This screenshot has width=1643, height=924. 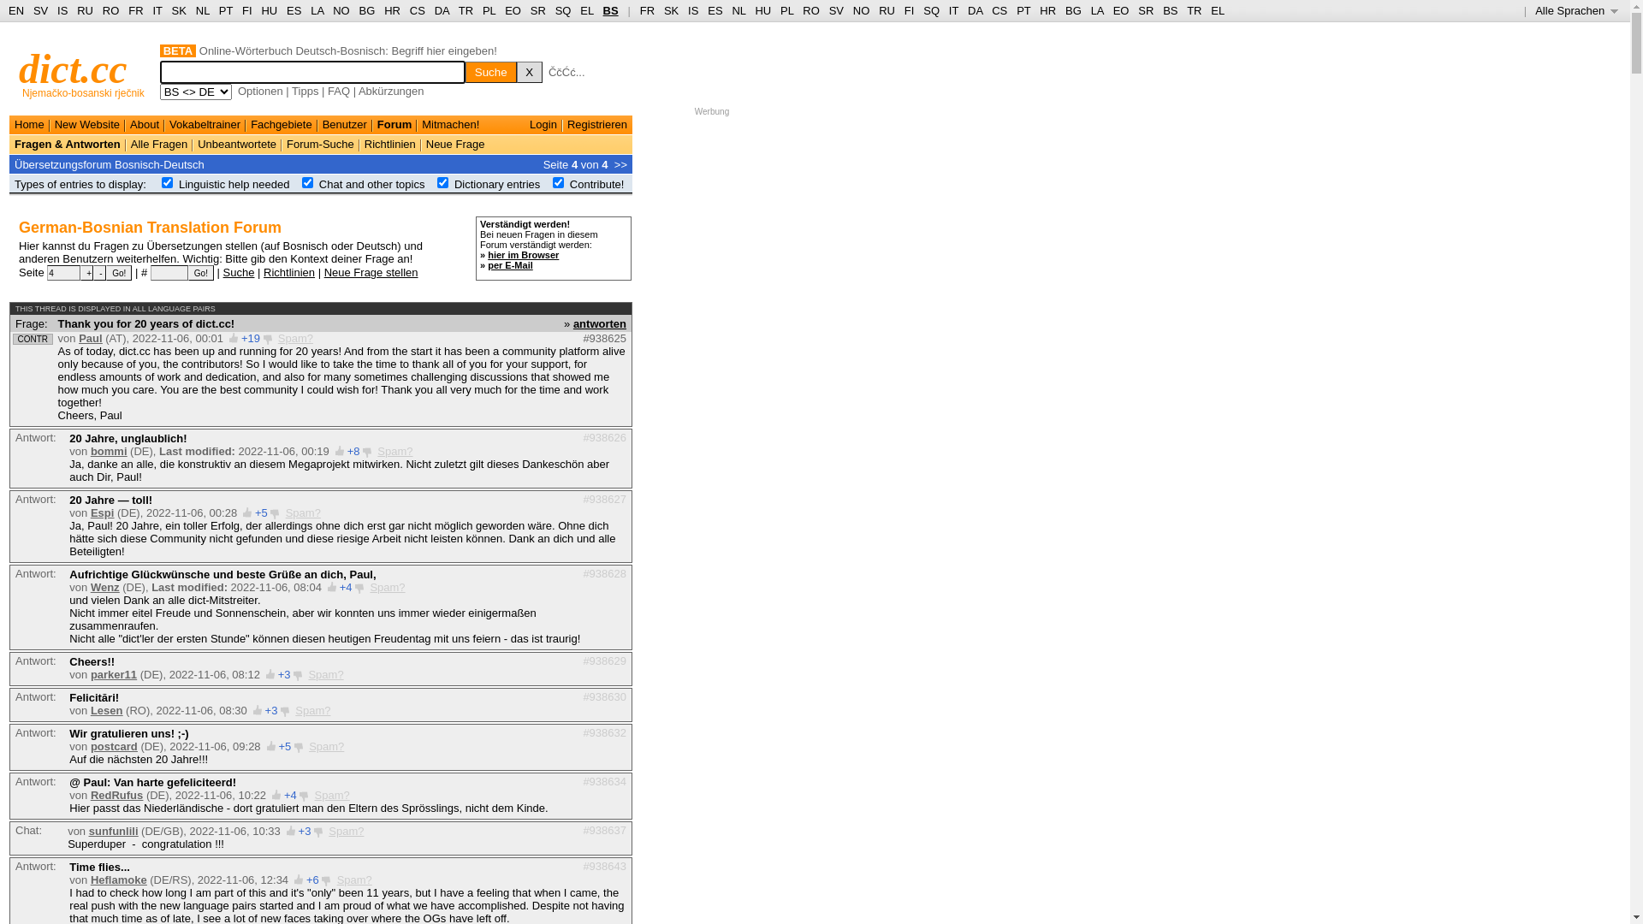 What do you see at coordinates (903, 10) in the screenshot?
I see `'FI'` at bounding box center [903, 10].